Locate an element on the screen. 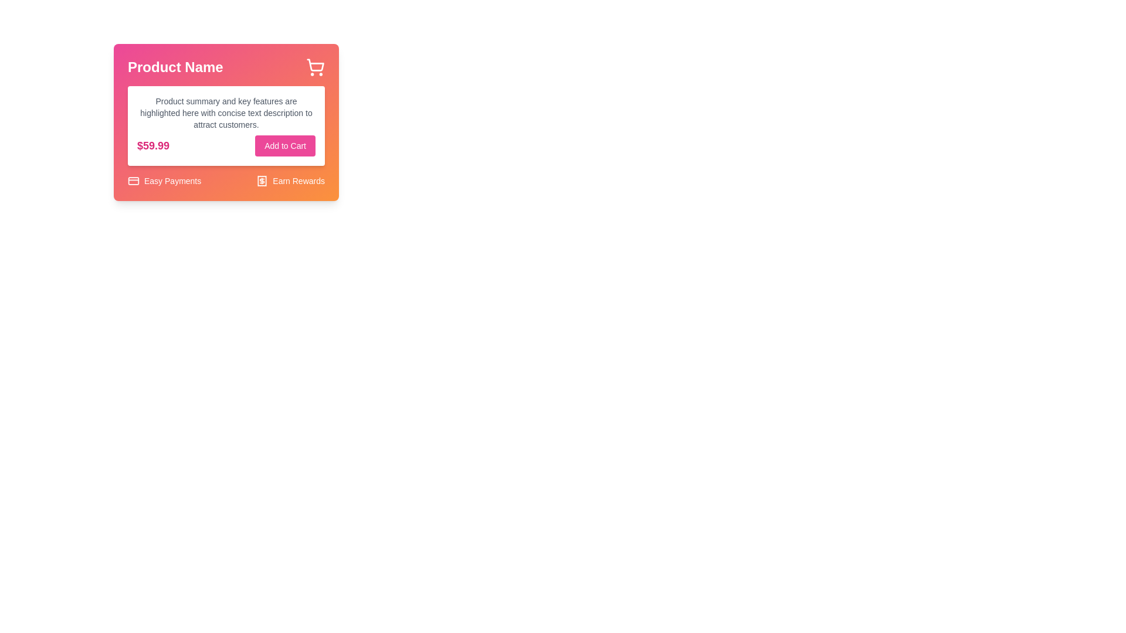 The height and width of the screenshot is (633, 1126). the 'Add to Cart' button, which has a pink background and white text, to observe its hover effects is located at coordinates (285, 145).